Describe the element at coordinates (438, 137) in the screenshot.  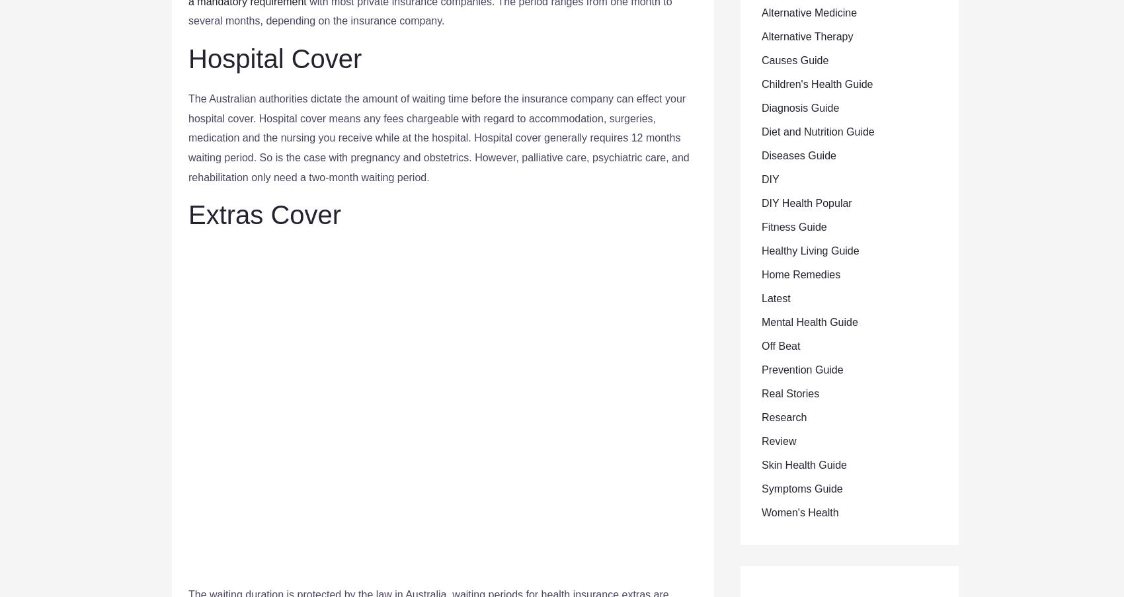
I see `'The Australian authorities dictate the amount of waiting time before the insurance company can effect your hospital cover. Hospital cover means any fees chargeable with regard to accommodation, surgeries, medication and the nursing you receive while at the hospital. Hospital cover generally requires 12 months waiting period. So is the case with pregnancy and obstetrics. However, palliative care, psychiatric care, and rehabilitation only need a two-month waiting period.'` at that location.